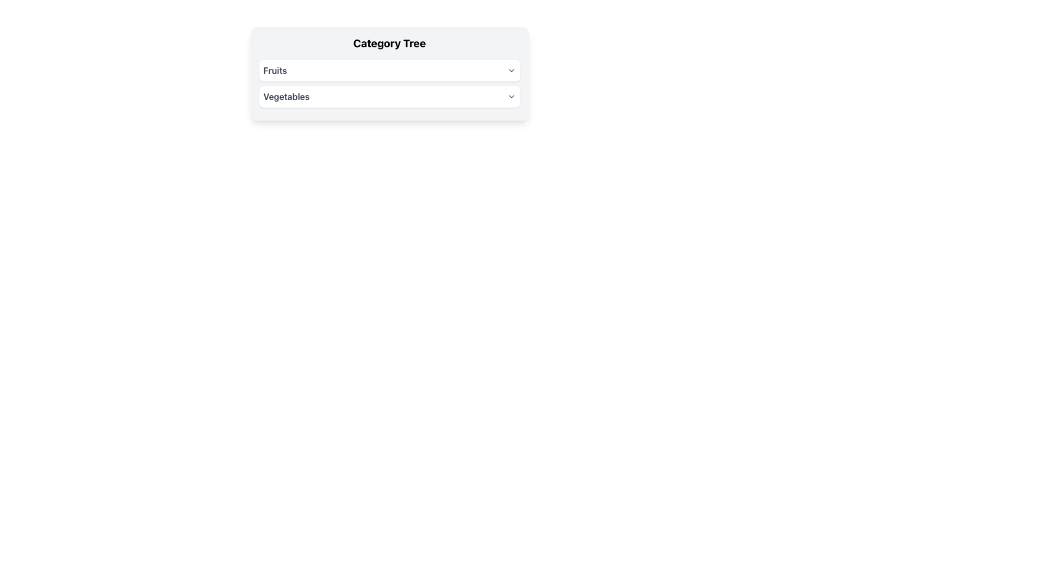 The height and width of the screenshot is (587, 1044). What do you see at coordinates (511, 96) in the screenshot?
I see `the Dropdown indicator icon, which is a small gray chevron-shaped icon with a downward-pointing triangular arrow, located to the far-right of the 'Vegetables' list item` at bounding box center [511, 96].